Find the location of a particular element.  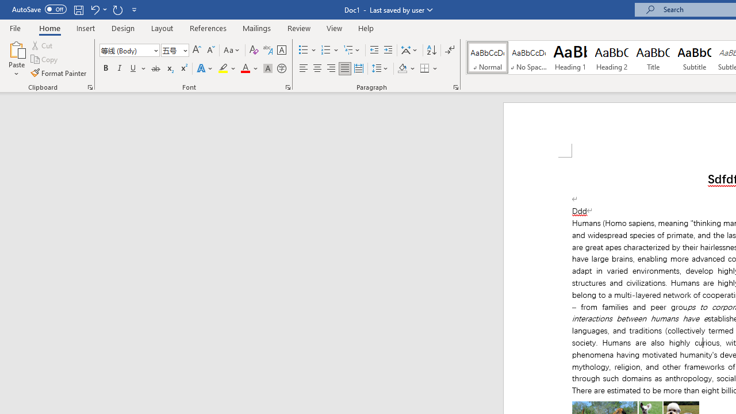

'Distributed' is located at coordinates (358, 68).